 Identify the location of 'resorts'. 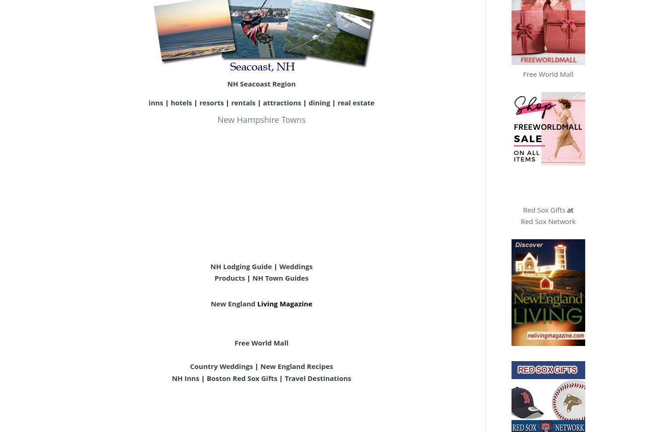
(211, 102).